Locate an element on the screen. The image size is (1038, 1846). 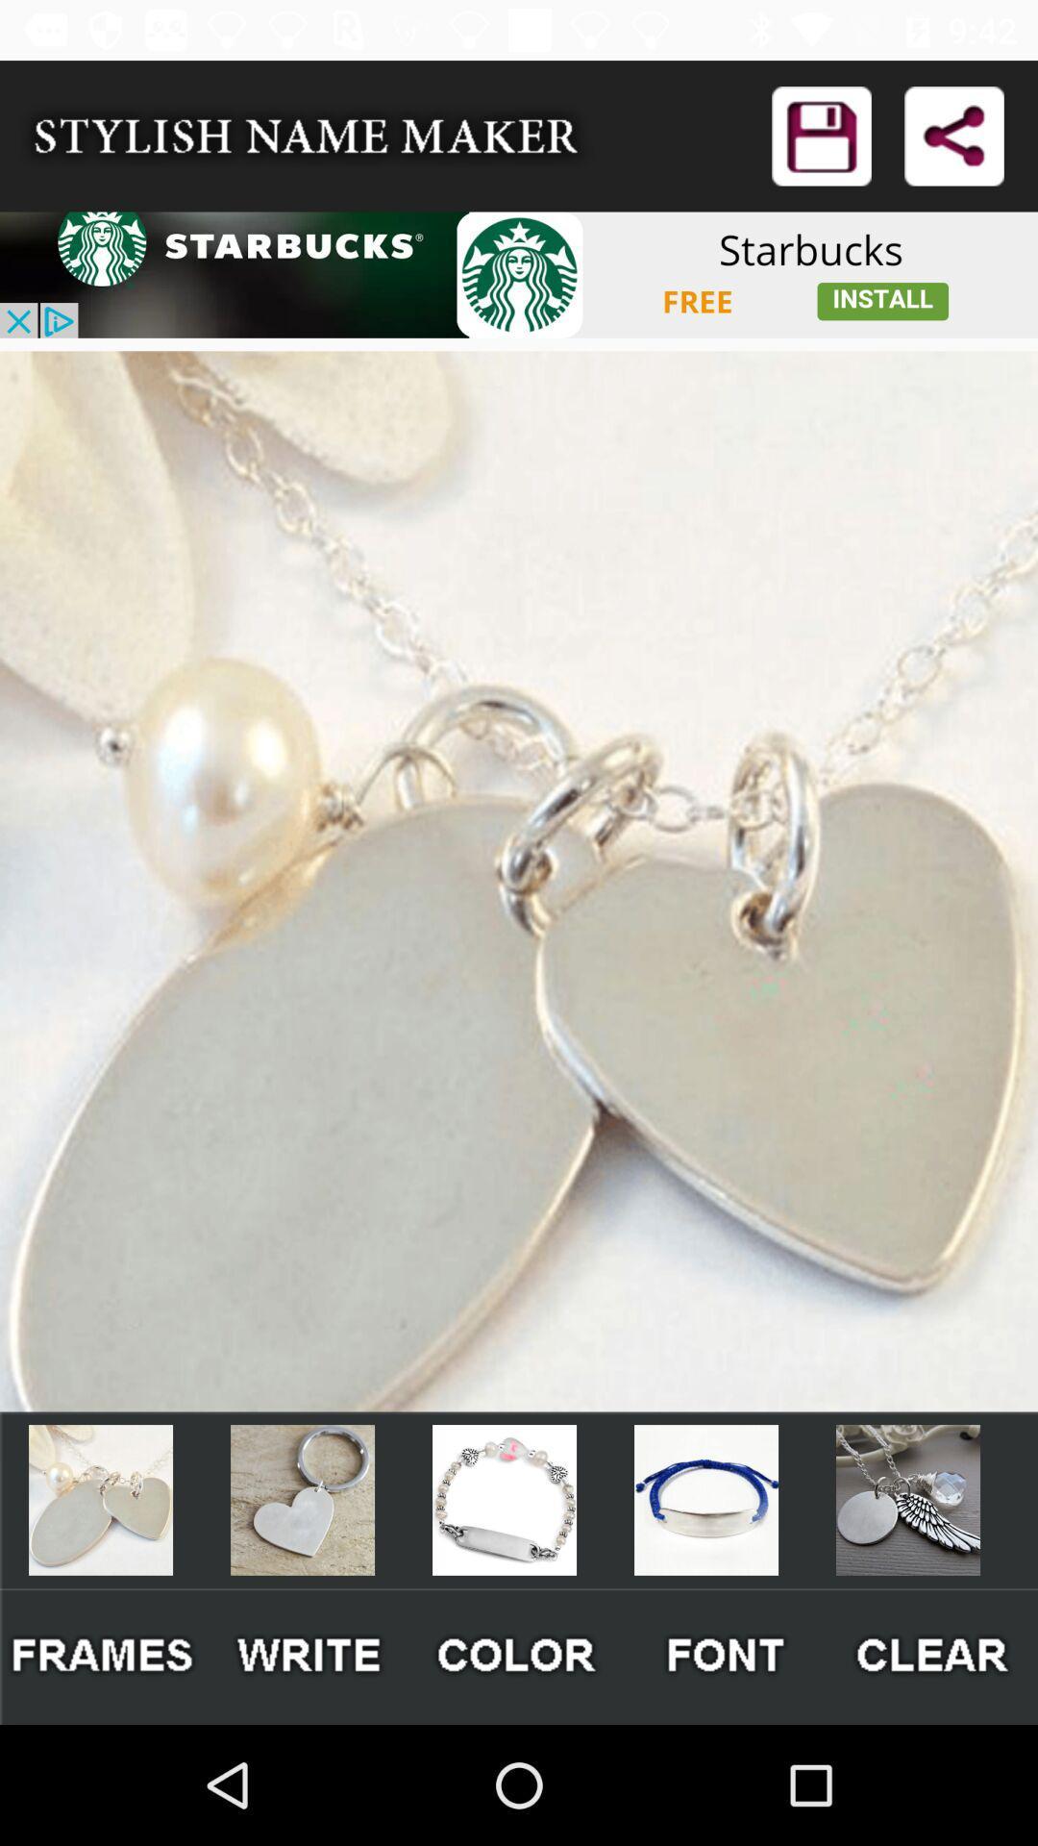
starbucks website is located at coordinates (519, 274).